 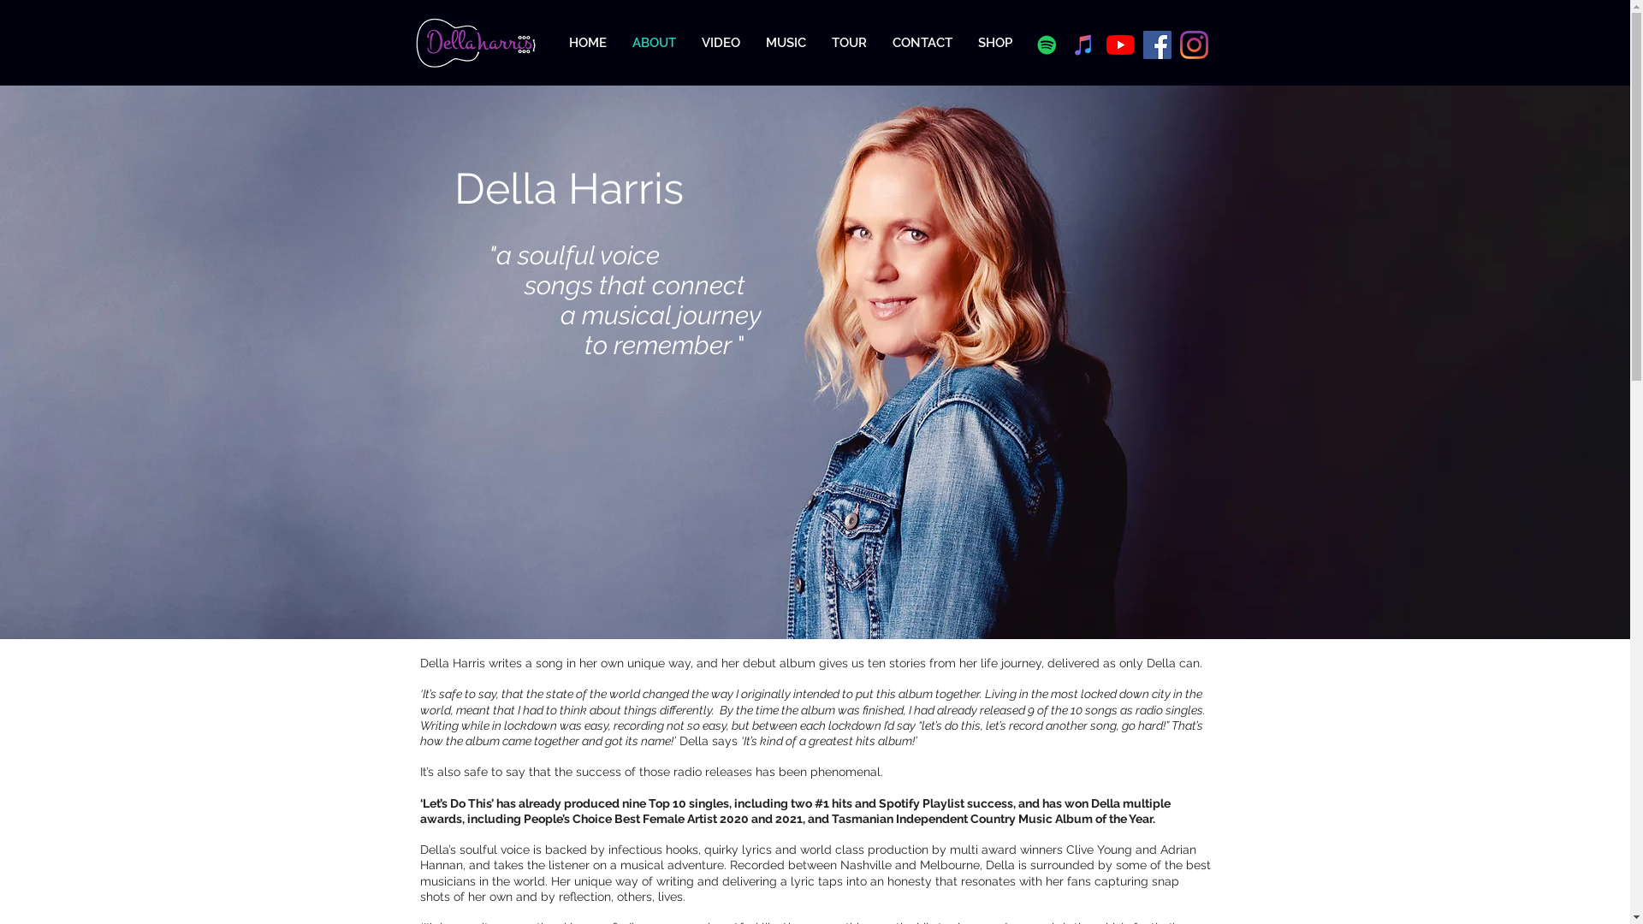 I want to click on 'ABOUT', so click(x=653, y=42).